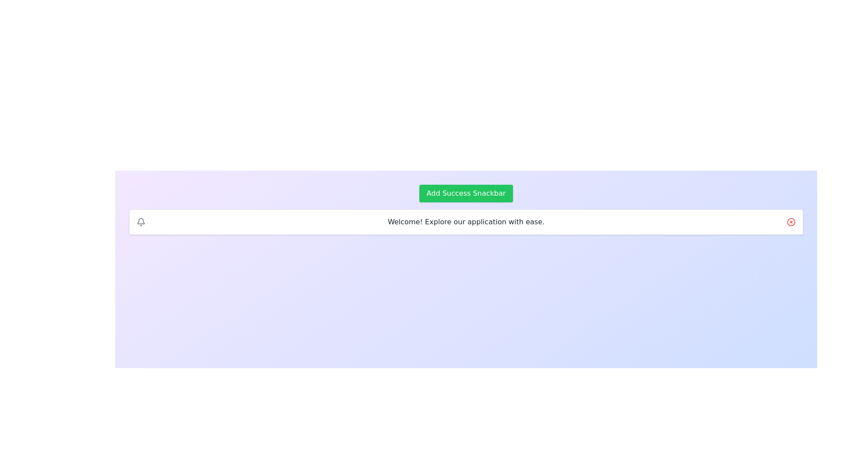  I want to click on the bell icon associated with the snackbar to observe its details, so click(141, 222).